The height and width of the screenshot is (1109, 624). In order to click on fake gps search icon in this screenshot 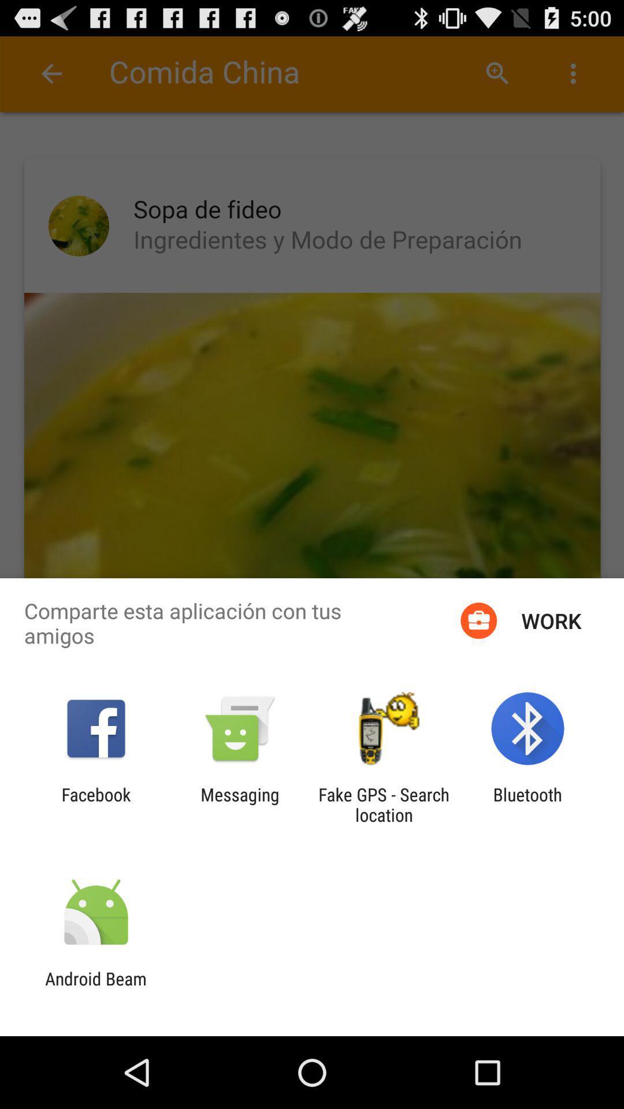, I will do `click(384, 804)`.